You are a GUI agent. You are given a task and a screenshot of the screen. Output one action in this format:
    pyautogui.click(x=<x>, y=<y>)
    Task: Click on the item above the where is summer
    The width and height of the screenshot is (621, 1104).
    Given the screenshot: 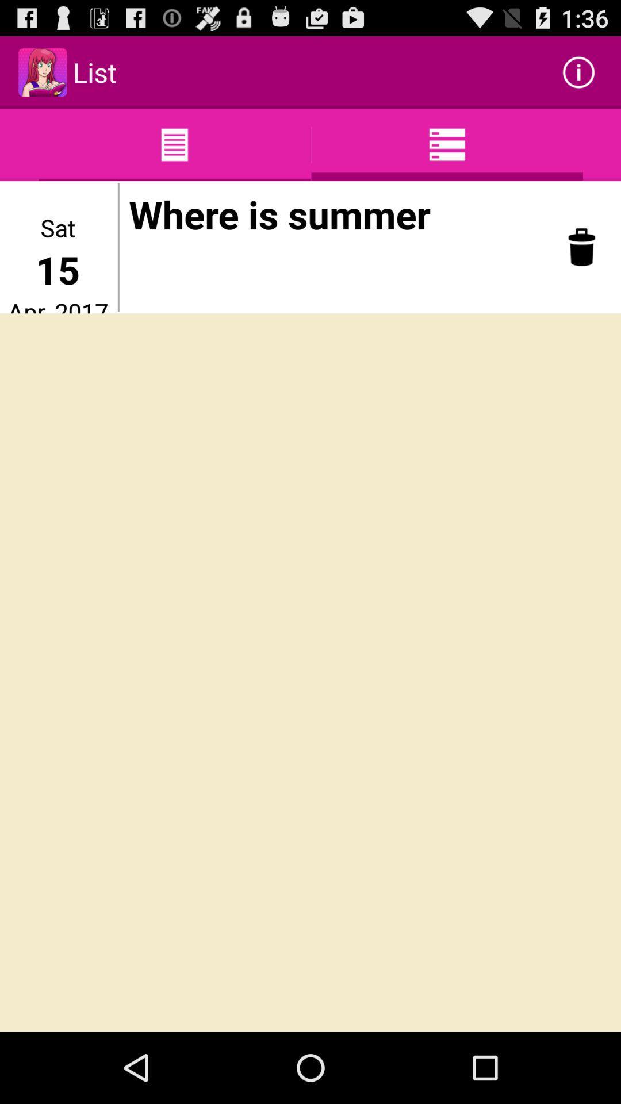 What is the action you would take?
    pyautogui.click(x=578, y=71)
    